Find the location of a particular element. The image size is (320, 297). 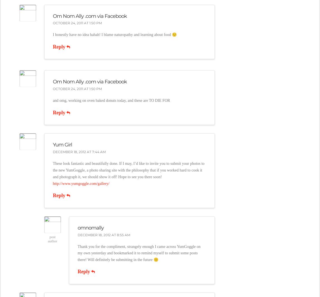

'These look fantastic and beautifully done.  If I may, I’d like to invite you to submit your photos to the new YumGoggle, a photo sharing site with the philosophy that if you worked hard to cook it and photograph it, we should show it off!  Hope to see you there soon!' is located at coordinates (52, 170).